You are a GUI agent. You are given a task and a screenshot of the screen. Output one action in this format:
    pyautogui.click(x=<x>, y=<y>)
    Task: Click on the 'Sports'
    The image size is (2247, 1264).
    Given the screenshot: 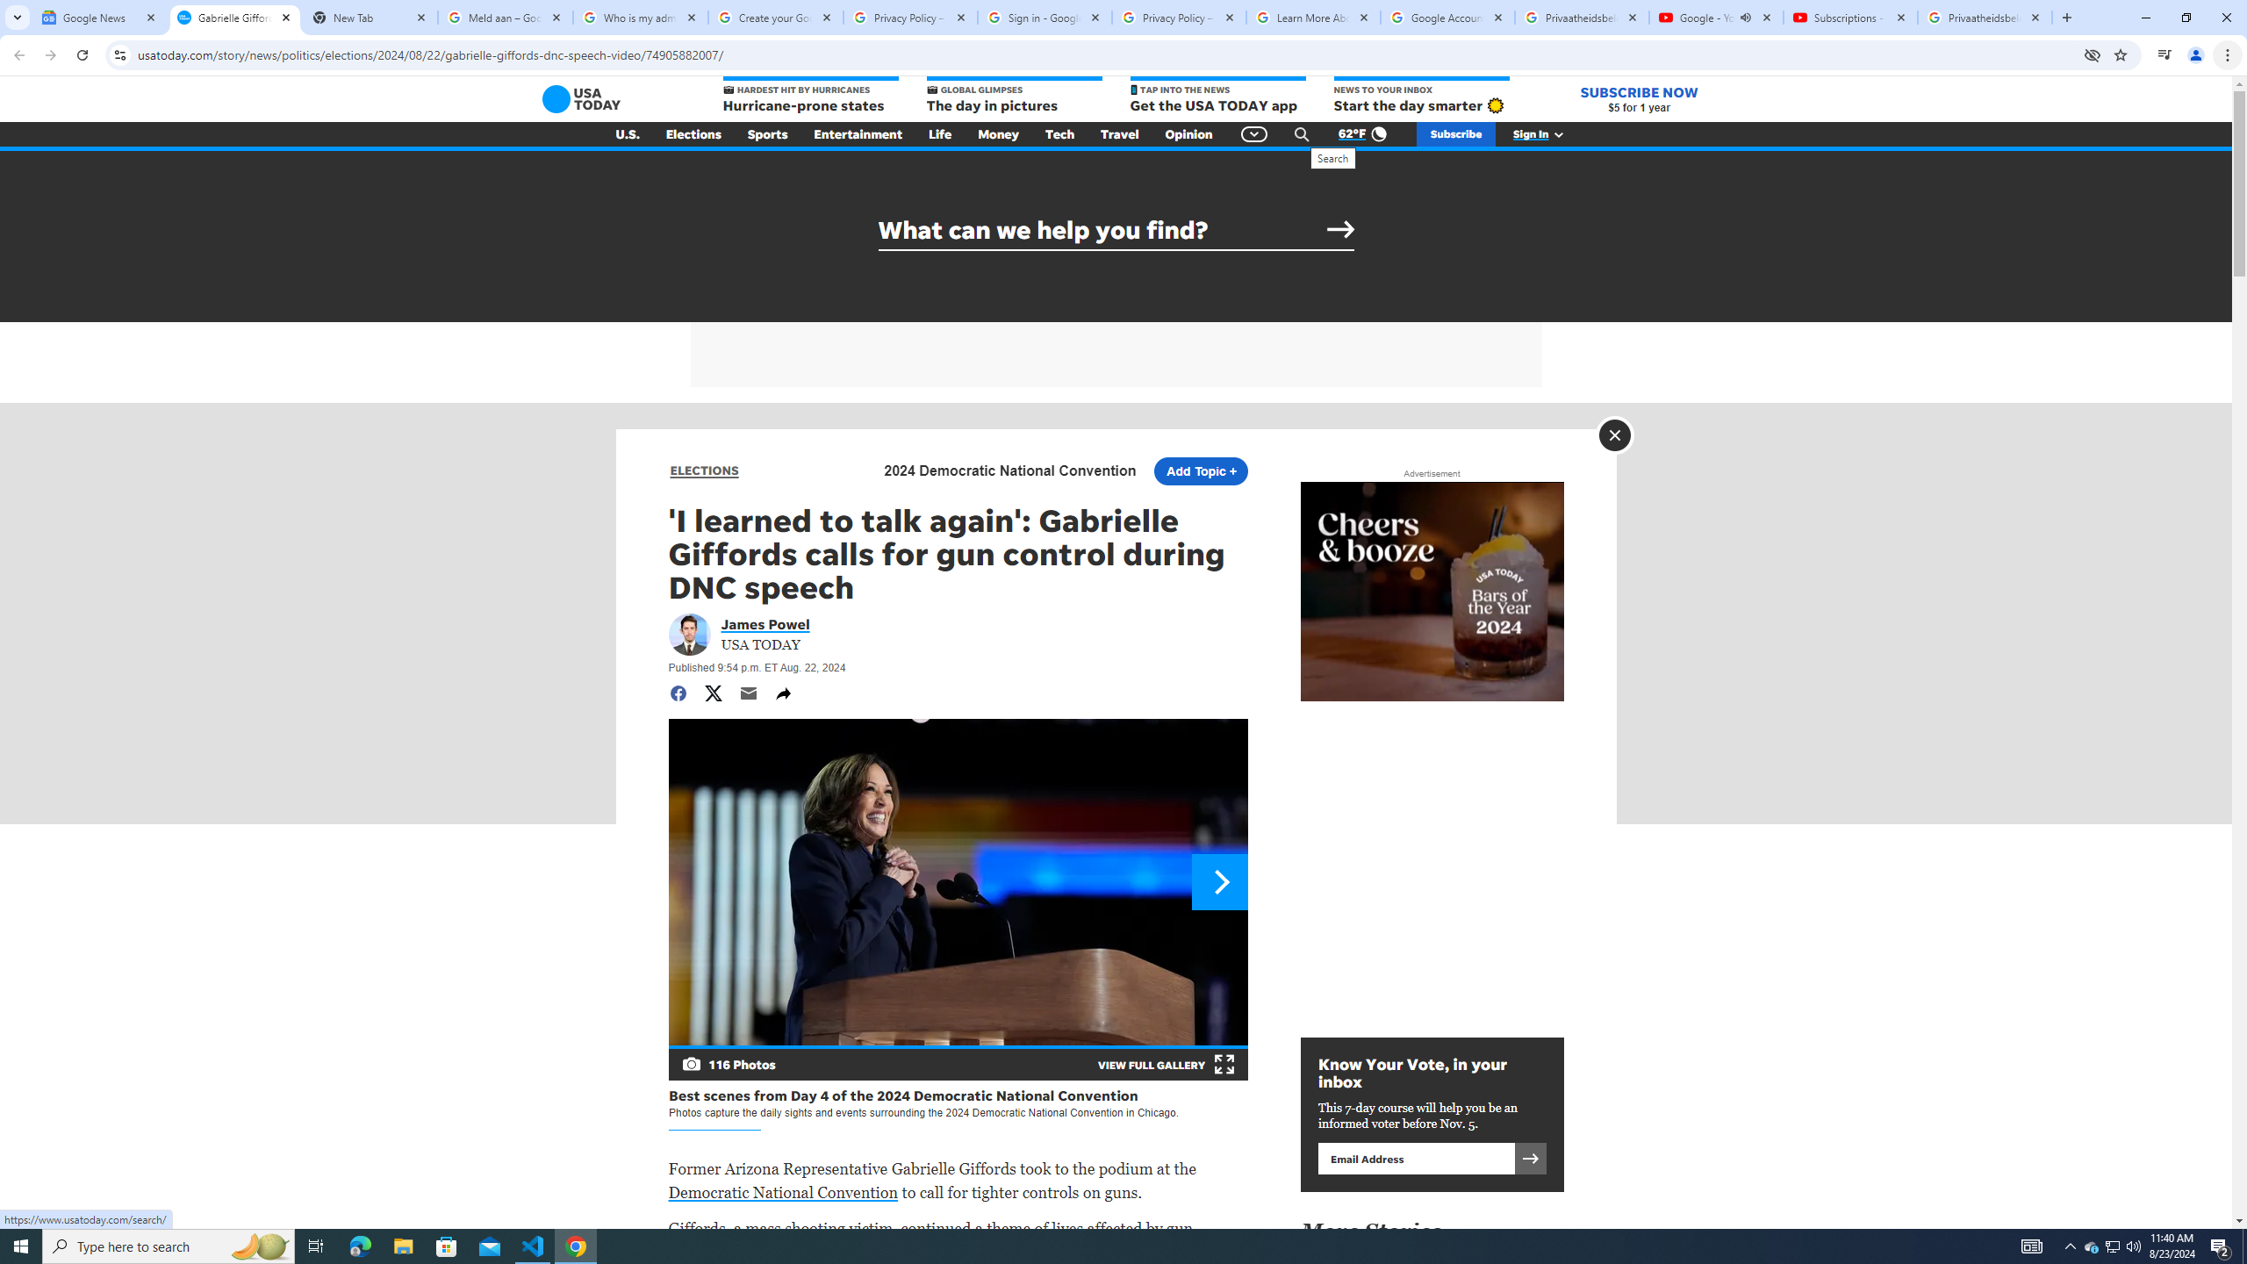 What is the action you would take?
    pyautogui.click(x=768, y=134)
    